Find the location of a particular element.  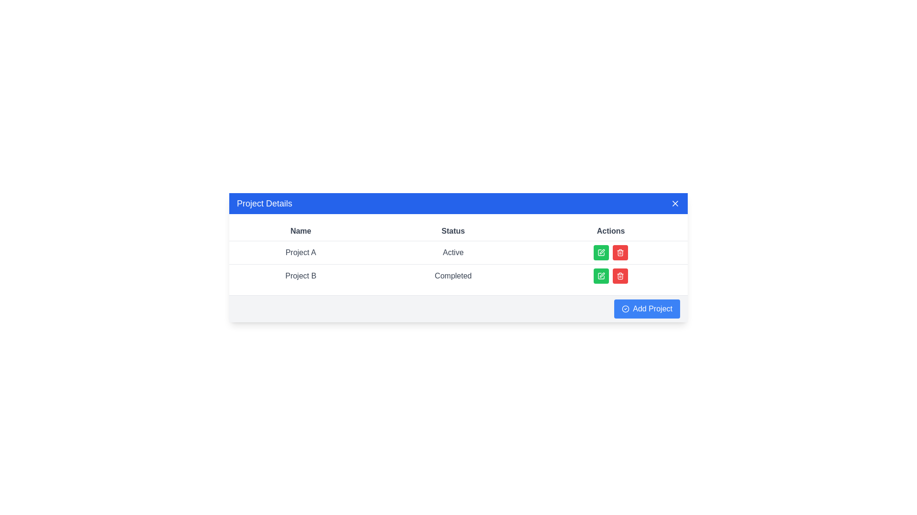

the static text label displaying the completion status 'Completed' for 'Project B' in the second row of the table under the 'Status' column is located at coordinates (453, 276).